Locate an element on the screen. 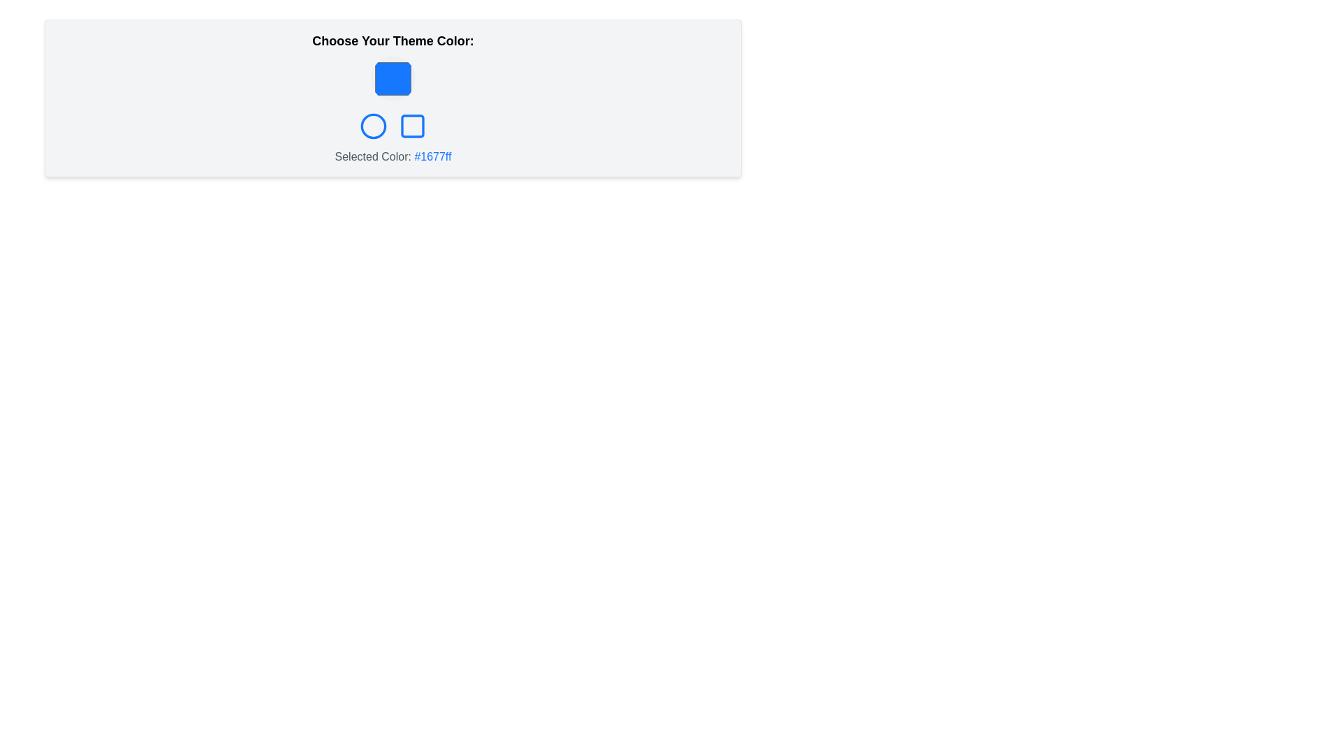 The height and width of the screenshot is (754, 1341). the text label that serves as a header or instruction, located at the top of a card-like structure with a light gray background, rounded edges, and box shadow styling is located at coordinates (392, 40).